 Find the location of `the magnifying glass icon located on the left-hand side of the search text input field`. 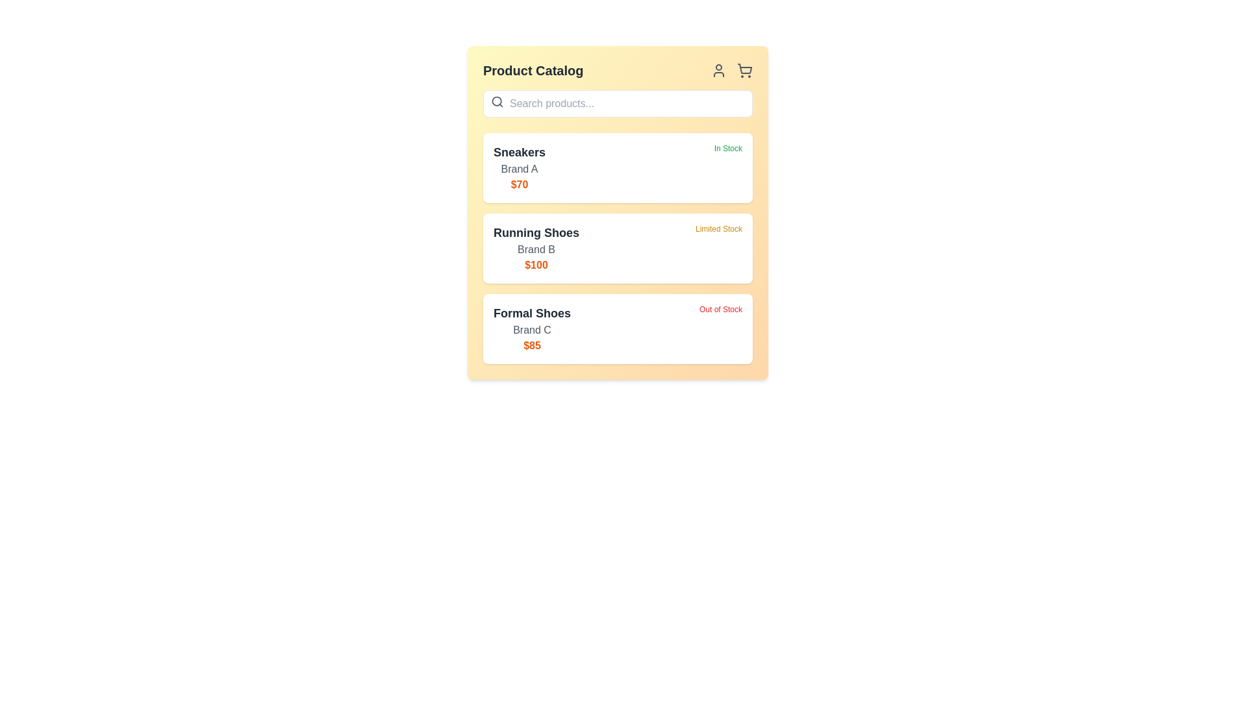

the magnifying glass icon located on the left-hand side of the search text input field is located at coordinates (497, 101).